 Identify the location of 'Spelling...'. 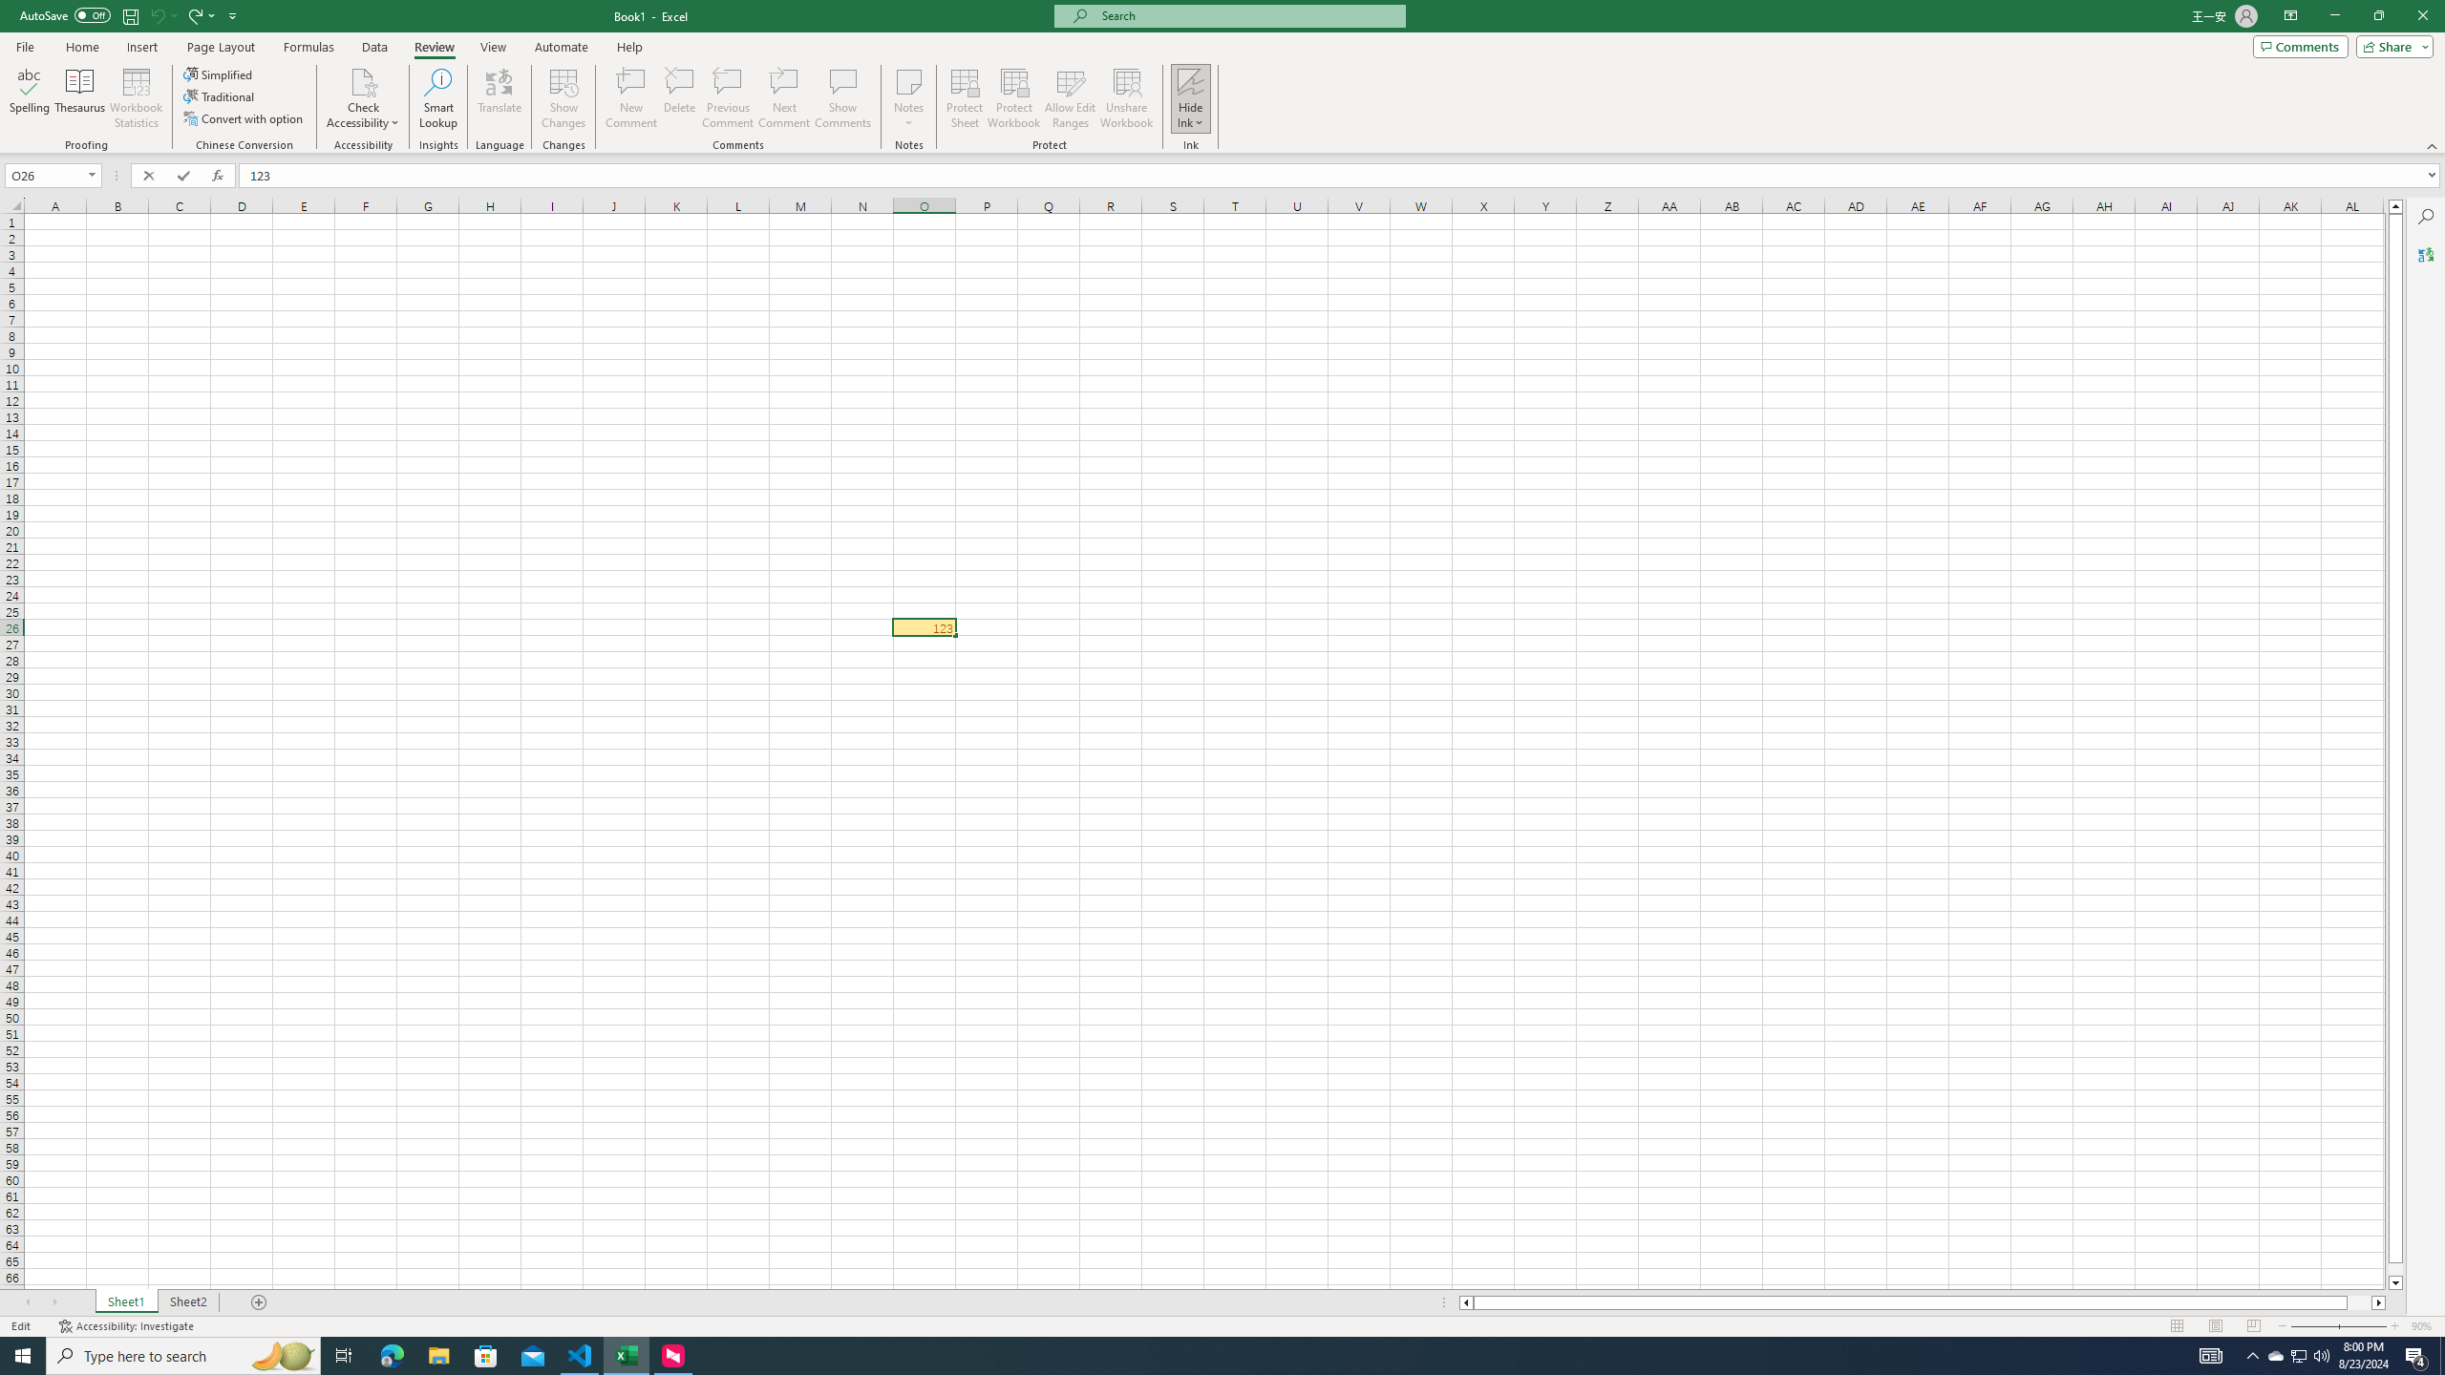
(28, 98).